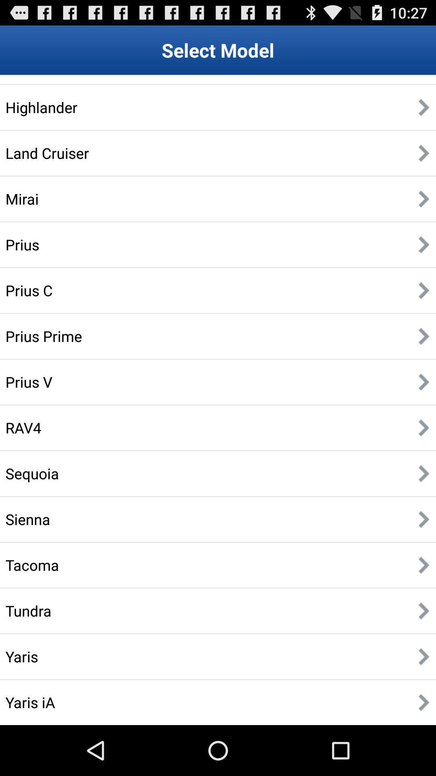  What do you see at coordinates (23, 427) in the screenshot?
I see `the app above the sequoia icon` at bounding box center [23, 427].